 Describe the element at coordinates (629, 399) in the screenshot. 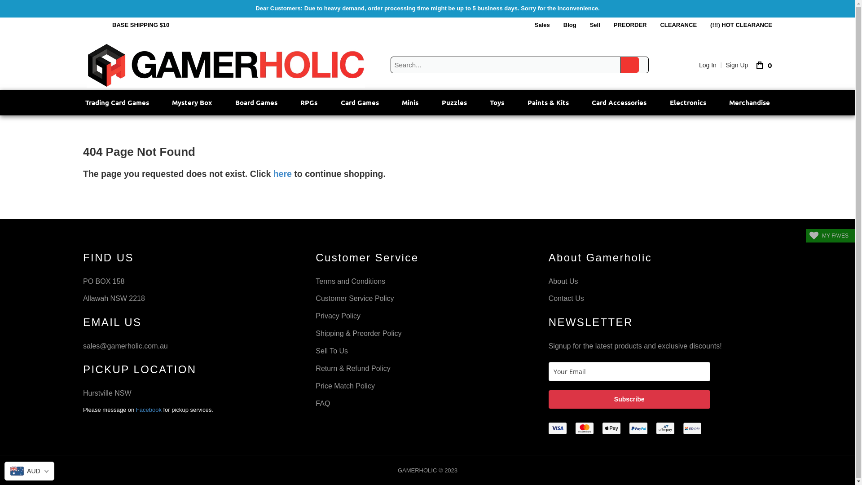

I see `'Subscribe'` at that location.